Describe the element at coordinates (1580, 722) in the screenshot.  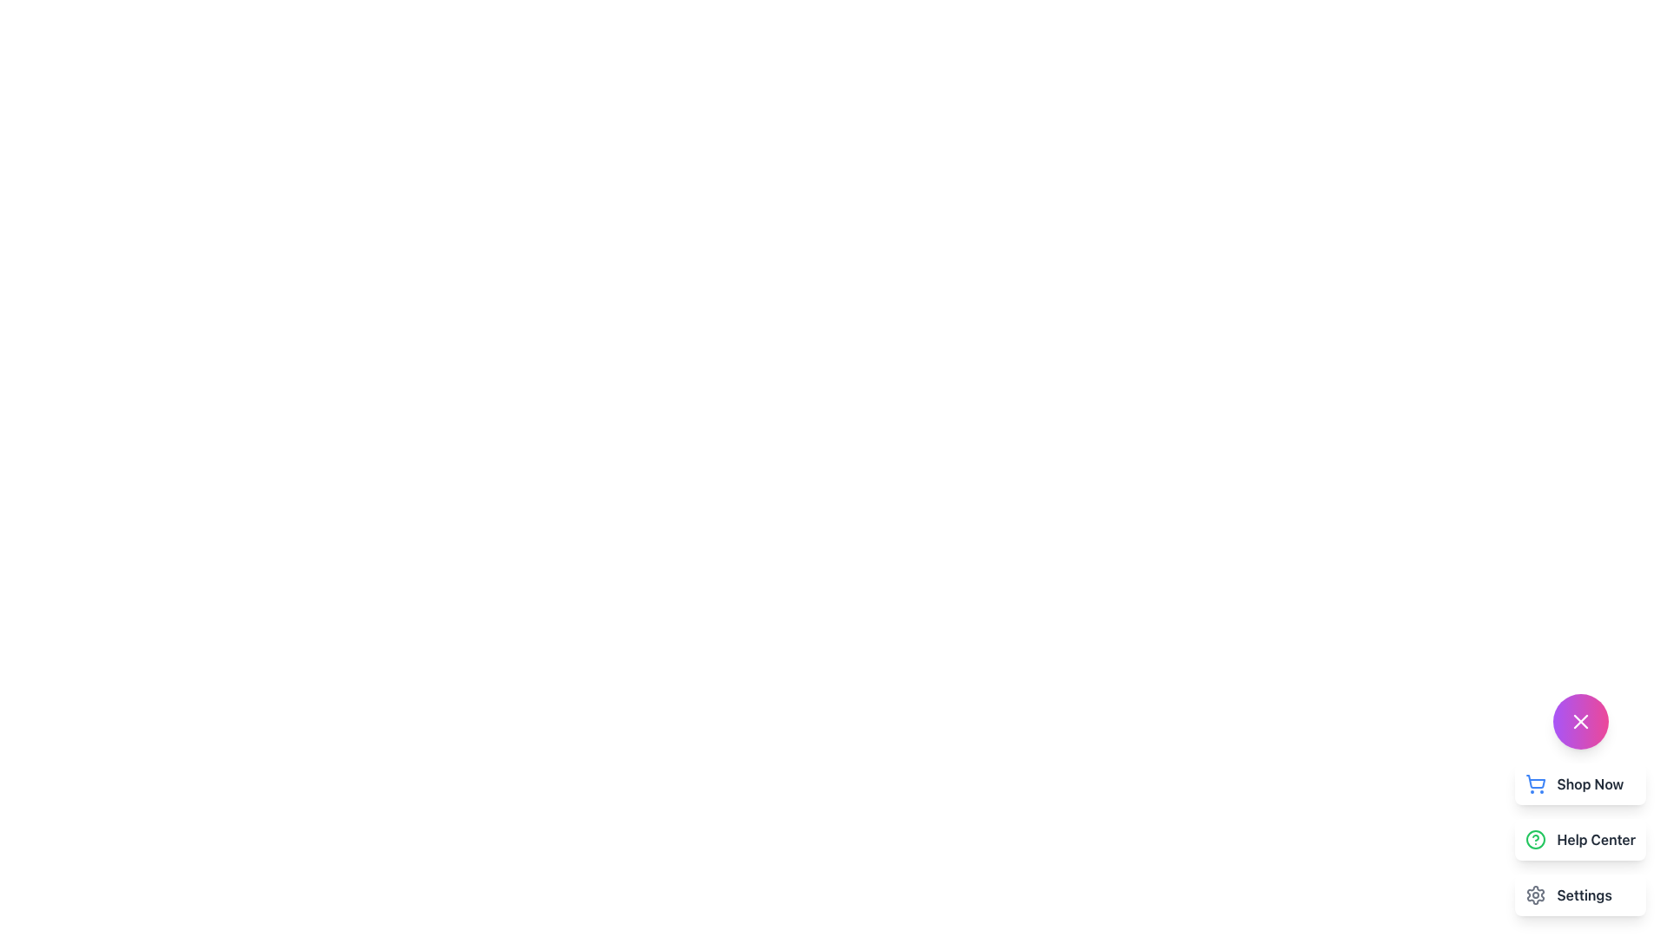
I see `the 'X' icon located in the bottom-right corner of the interface` at that location.